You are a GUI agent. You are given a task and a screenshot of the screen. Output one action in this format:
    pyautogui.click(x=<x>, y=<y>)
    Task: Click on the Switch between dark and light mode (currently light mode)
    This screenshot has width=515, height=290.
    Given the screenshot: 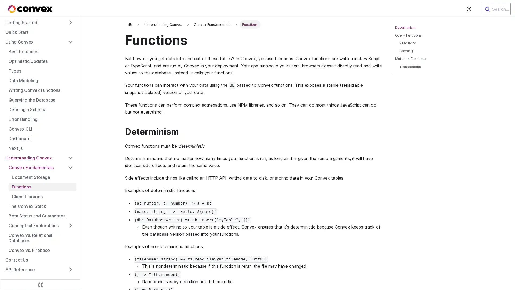 What is the action you would take?
    pyautogui.click(x=468, y=9)
    